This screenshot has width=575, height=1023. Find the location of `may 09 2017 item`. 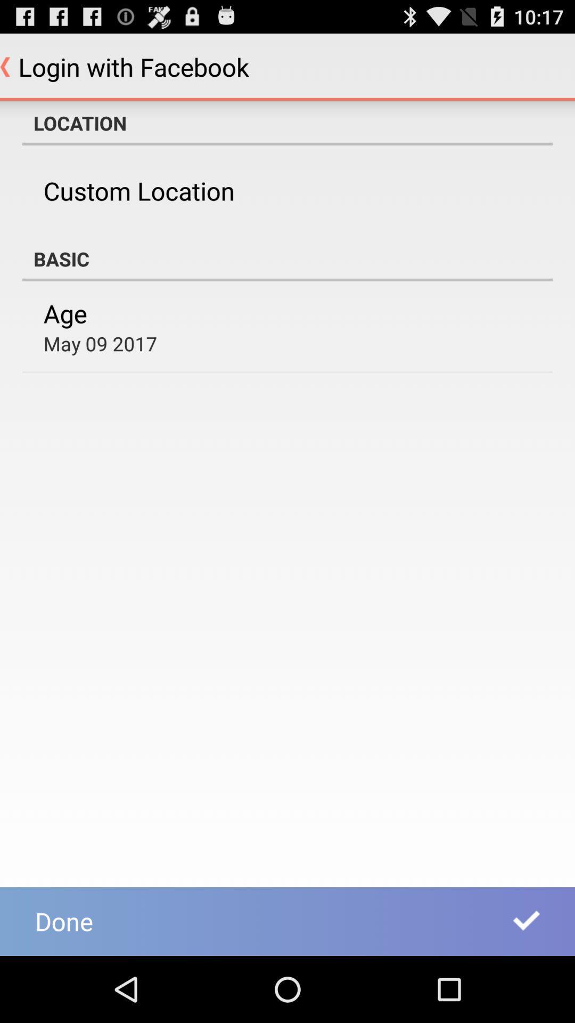

may 09 2017 item is located at coordinates (100, 343).